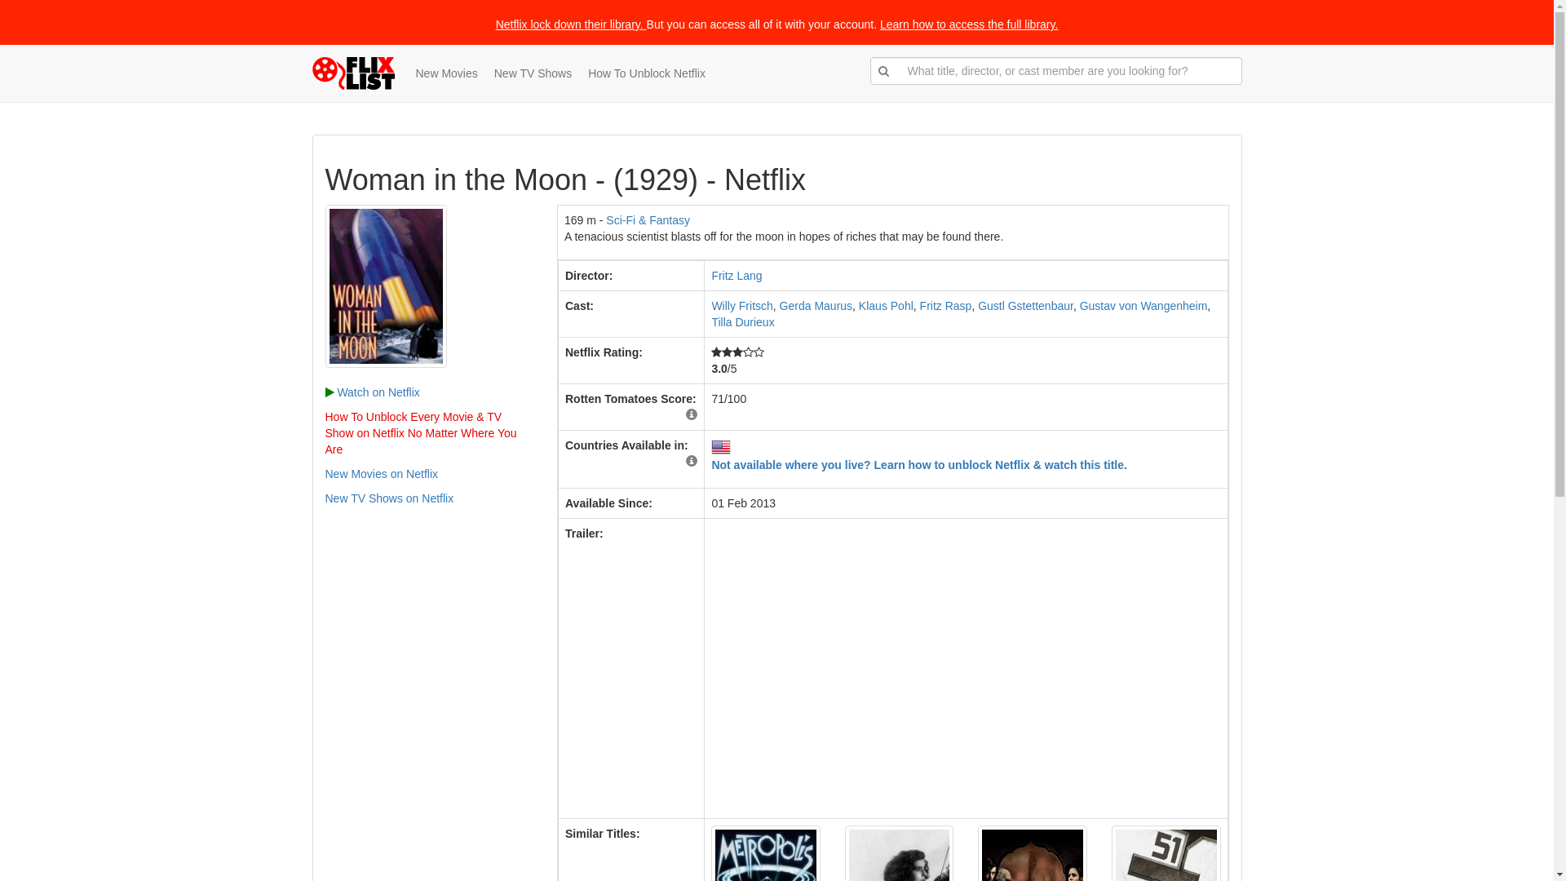 This screenshot has width=1566, height=881. What do you see at coordinates (387, 497) in the screenshot?
I see `'New TV Shows on Netflix'` at bounding box center [387, 497].